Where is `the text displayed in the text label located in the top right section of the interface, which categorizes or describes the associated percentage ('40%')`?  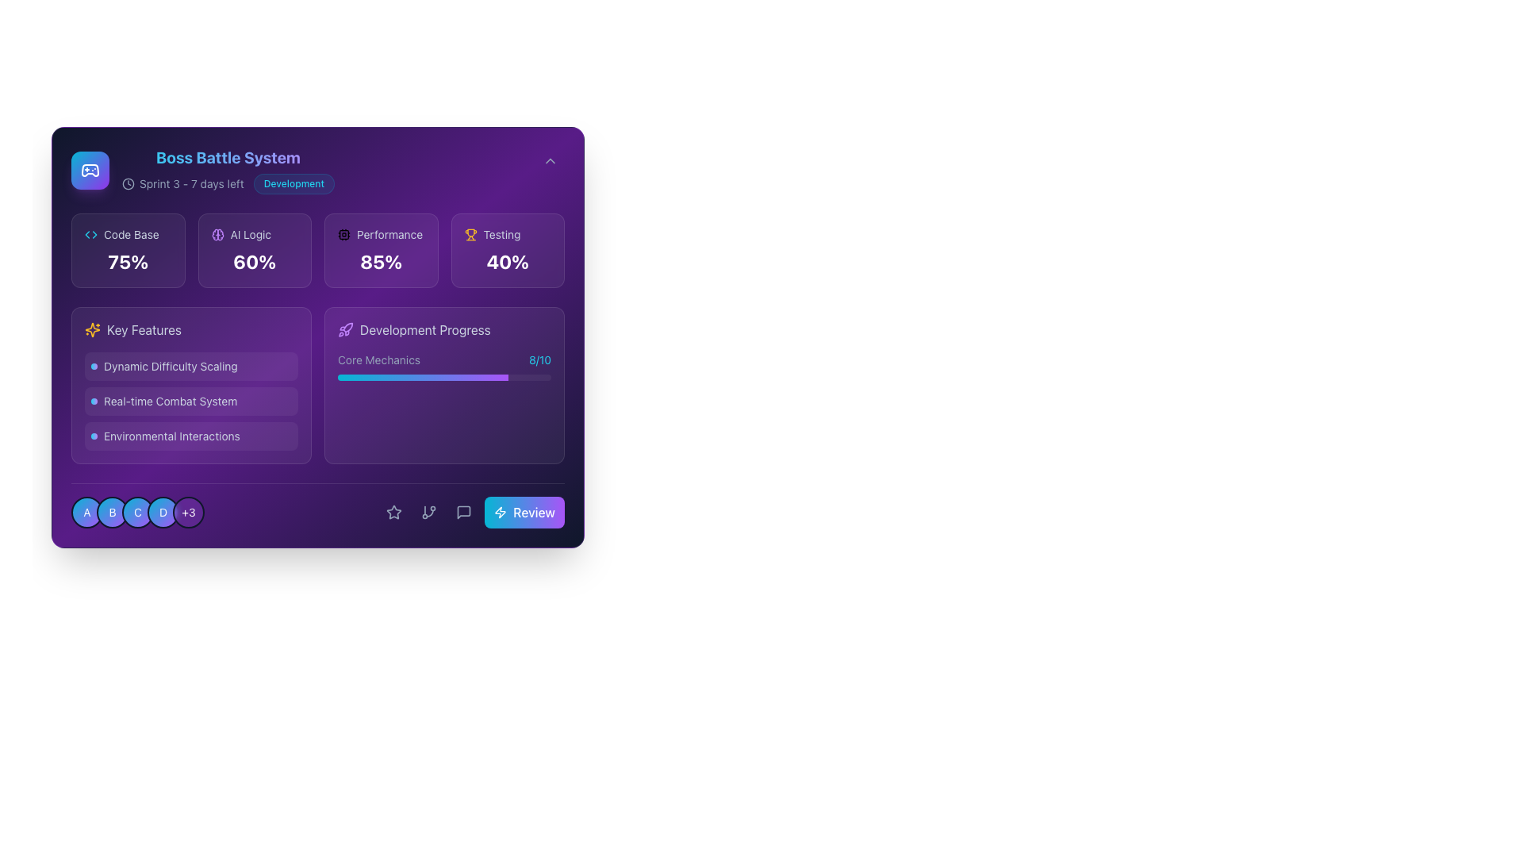
the text displayed in the text label located in the top right section of the interface, which categorizes or describes the associated percentage ('40%') is located at coordinates (501, 235).